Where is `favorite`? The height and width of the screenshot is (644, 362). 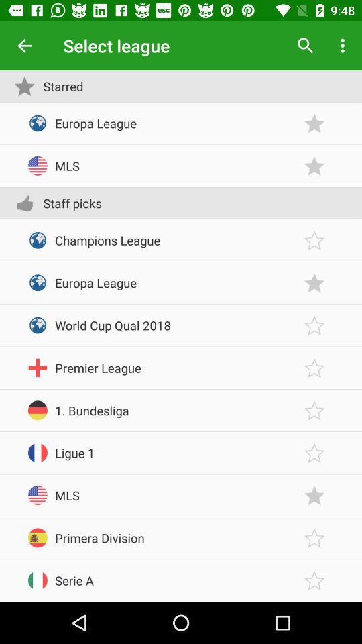 favorite is located at coordinates (314, 240).